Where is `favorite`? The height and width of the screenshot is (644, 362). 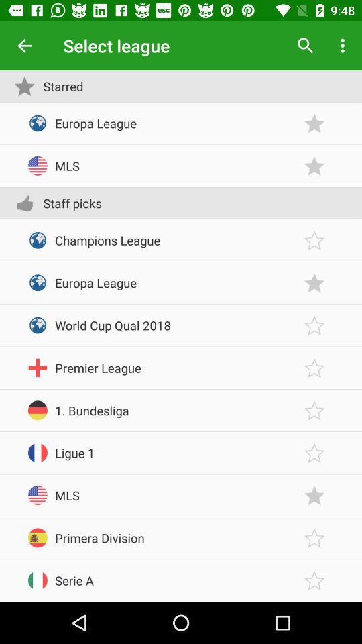 favorite is located at coordinates (314, 240).